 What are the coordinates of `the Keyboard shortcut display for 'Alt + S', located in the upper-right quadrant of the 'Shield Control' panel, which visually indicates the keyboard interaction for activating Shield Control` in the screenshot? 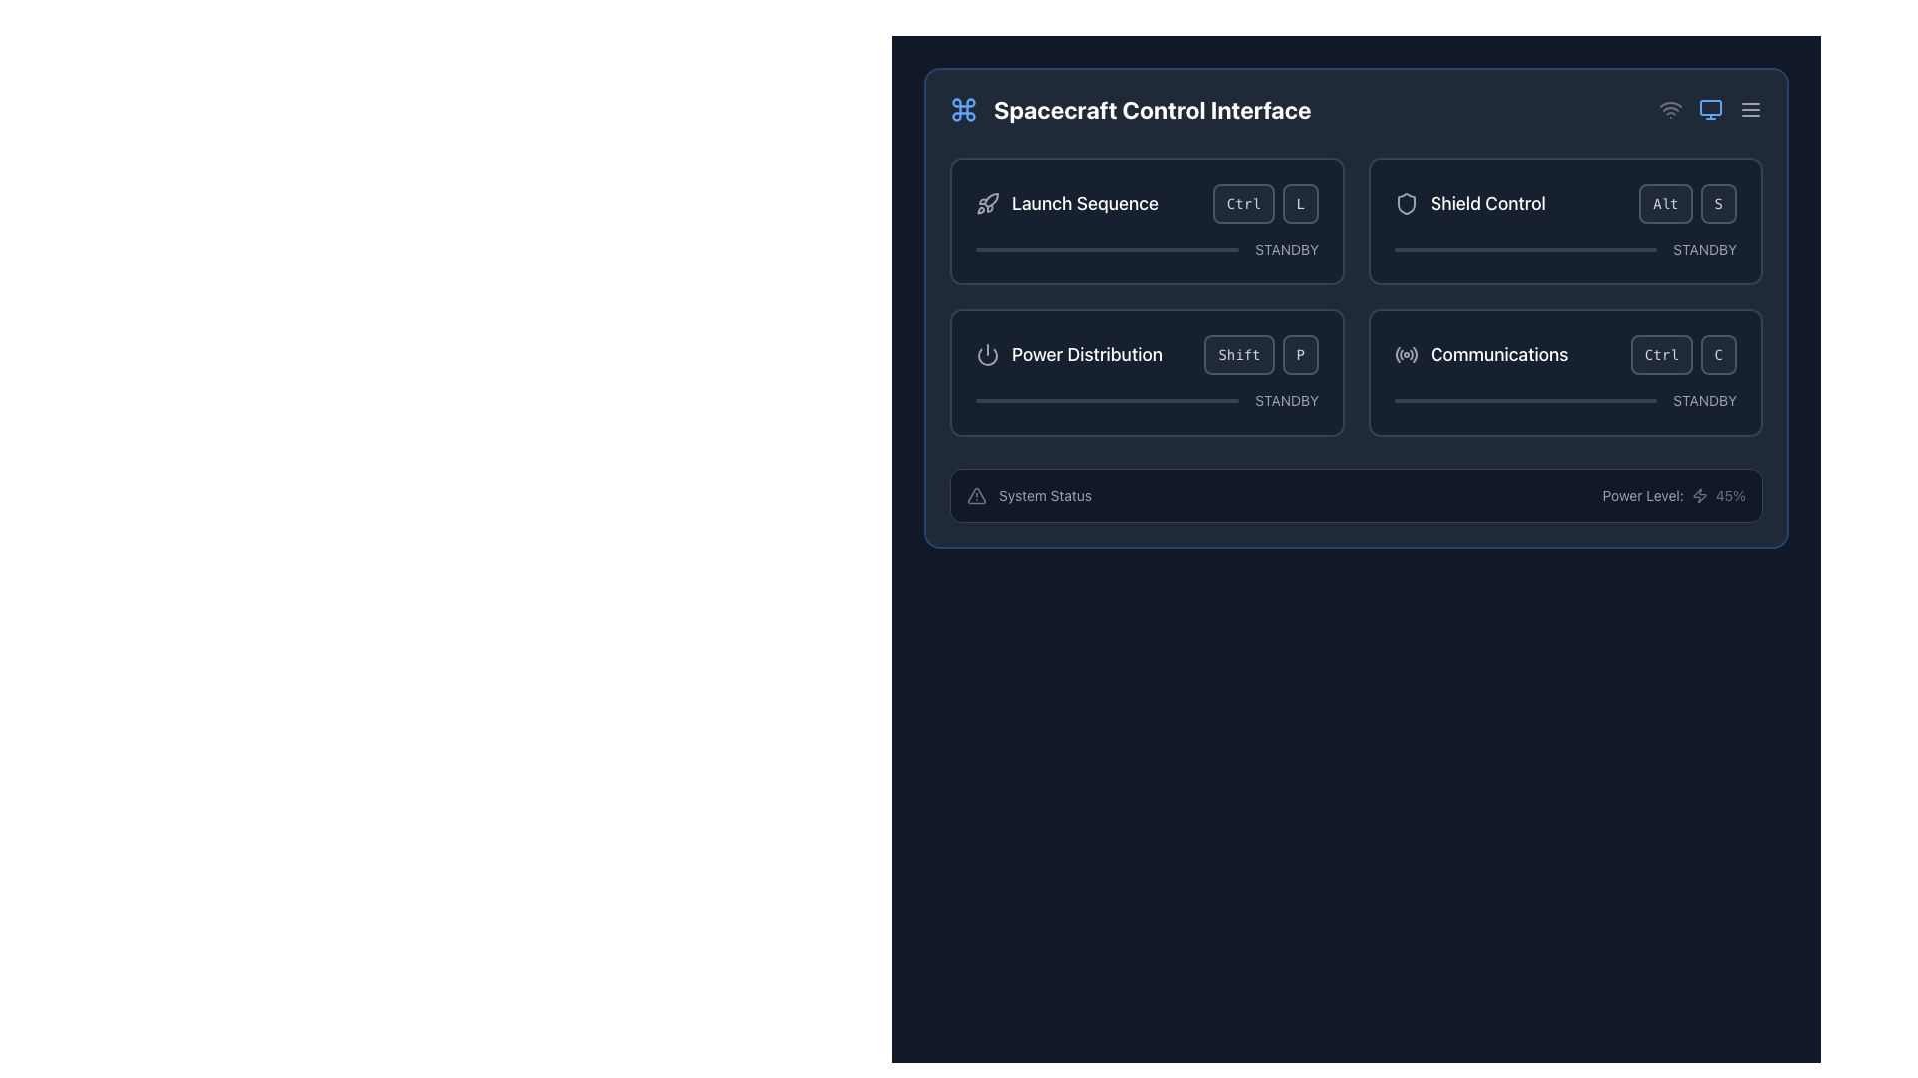 It's located at (1687, 204).